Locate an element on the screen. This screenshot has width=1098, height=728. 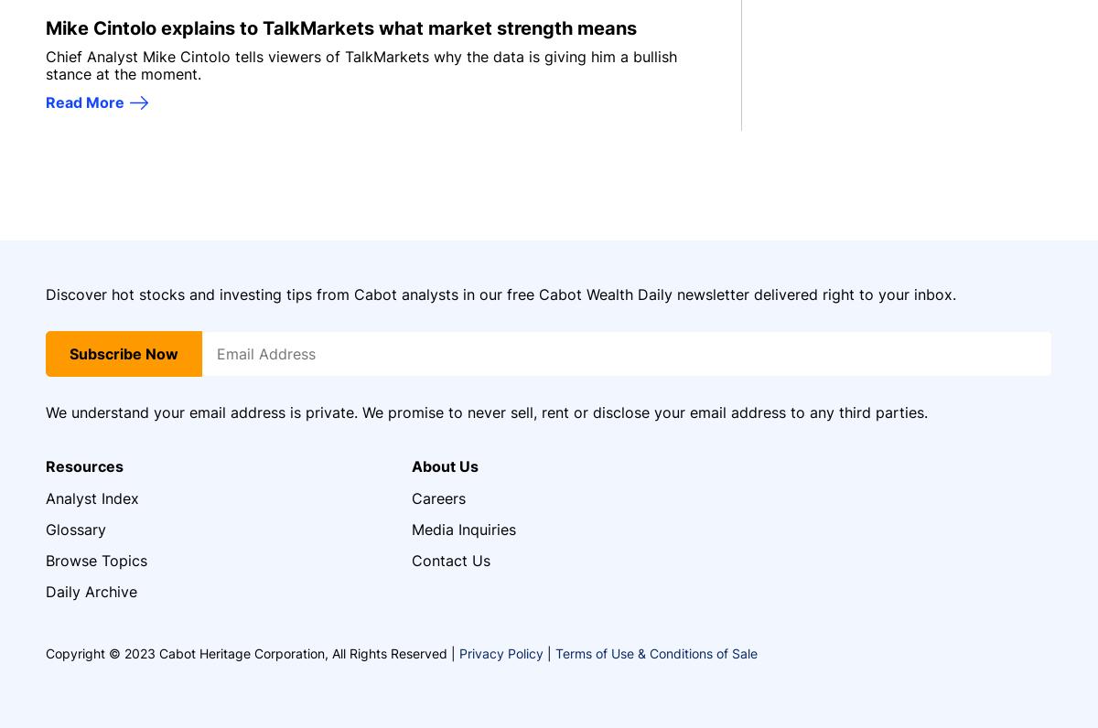
'Chief Analyst Mike Cintolo tells viewers of TalkMarkets why the data is giving him a bullish stance at the moment.' is located at coordinates (361, 64).